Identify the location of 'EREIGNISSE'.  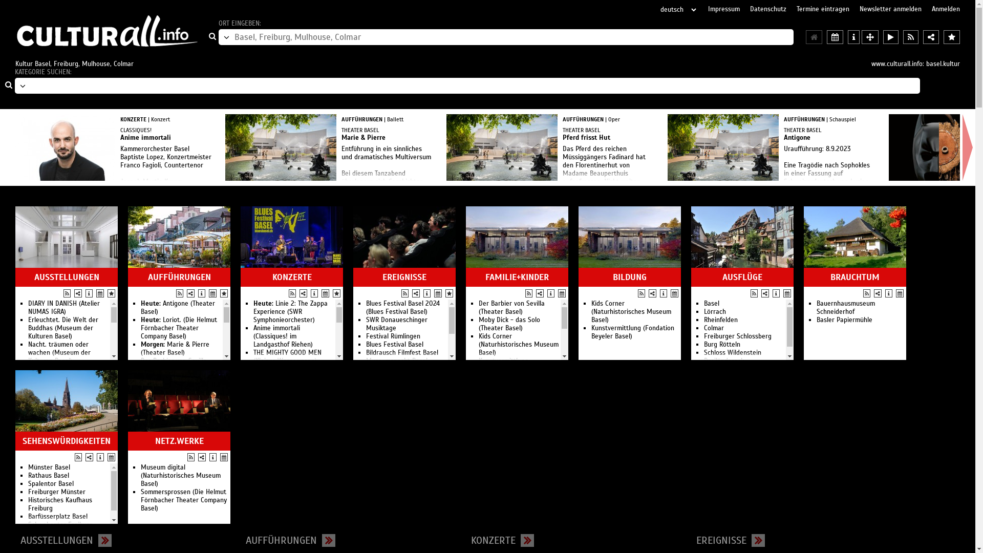
(404, 277).